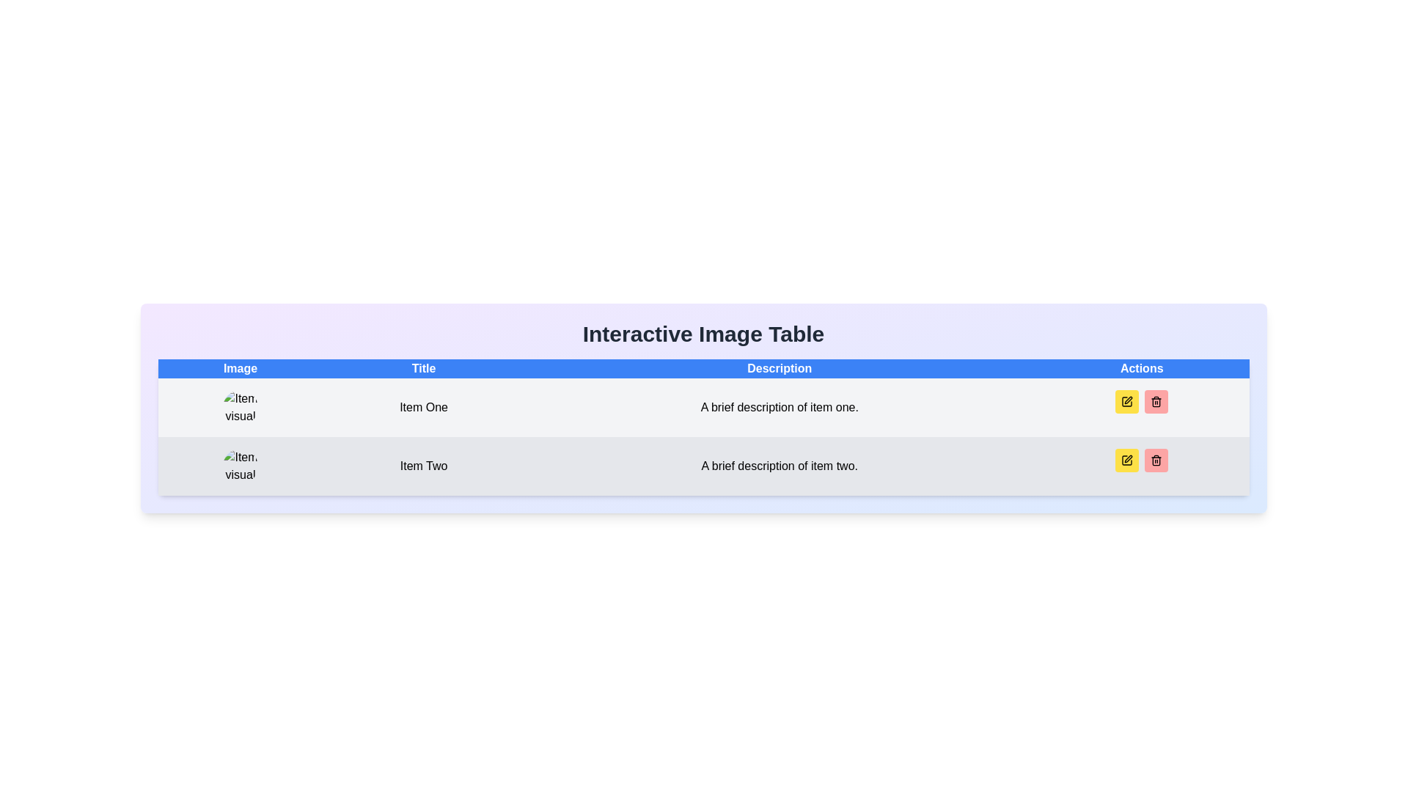 This screenshot has width=1408, height=792. I want to click on the image representing 'Item Two' in the second row of the table, located under the column labeled 'Image', so click(240, 466).